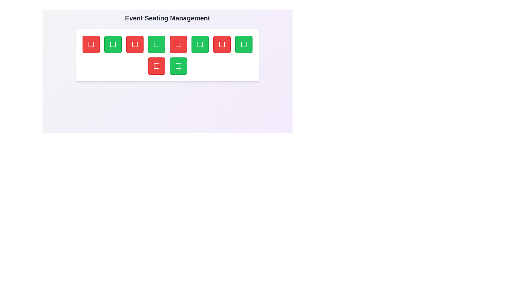  I want to click on the inner square icon indicating the status of 'Seat 7' in the grid layout, so click(222, 44).